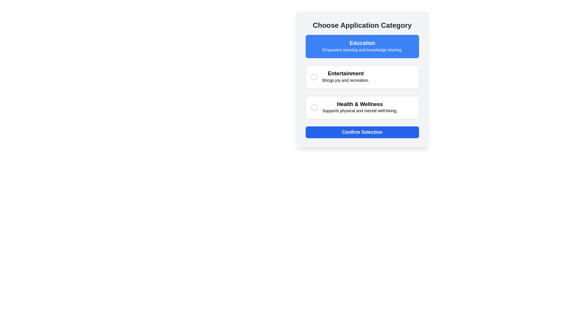 Image resolution: width=567 pixels, height=319 pixels. I want to click on the title label of the selectable option card labeled 'Health & Wellness', which is located in the middle section beneath a radio button and above the supplementary text, so click(359, 104).